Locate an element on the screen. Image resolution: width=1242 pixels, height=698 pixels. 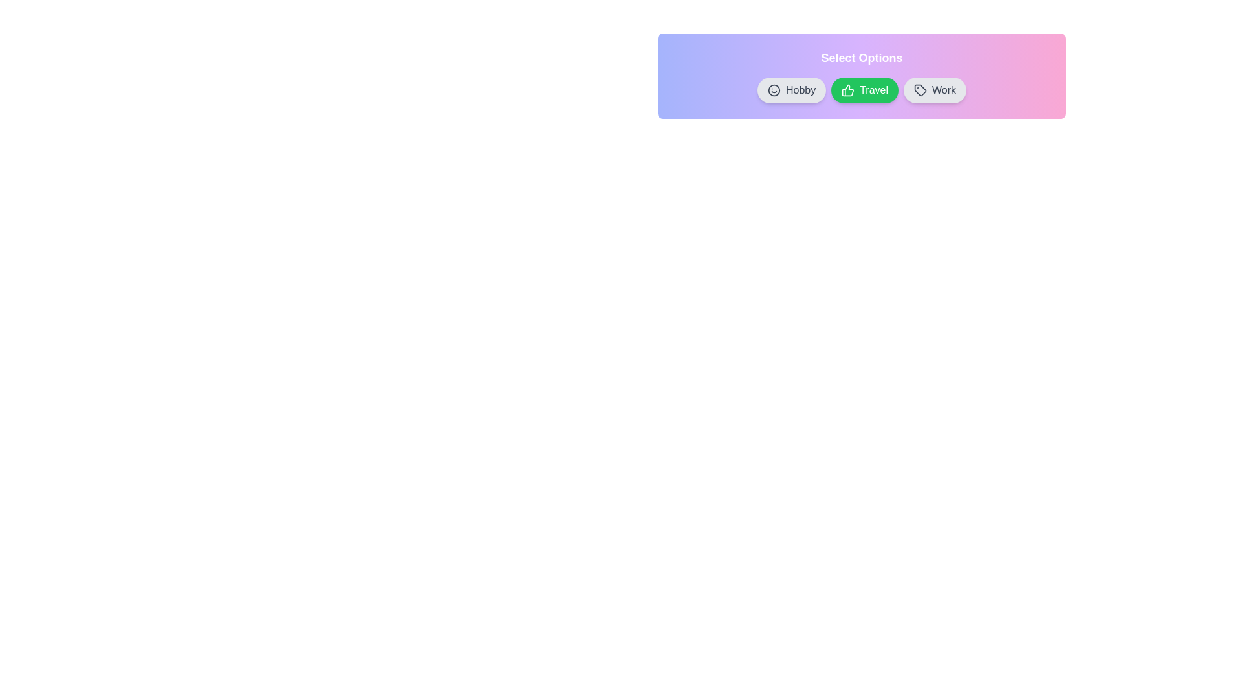
the chip labeled Travel is located at coordinates (865, 89).